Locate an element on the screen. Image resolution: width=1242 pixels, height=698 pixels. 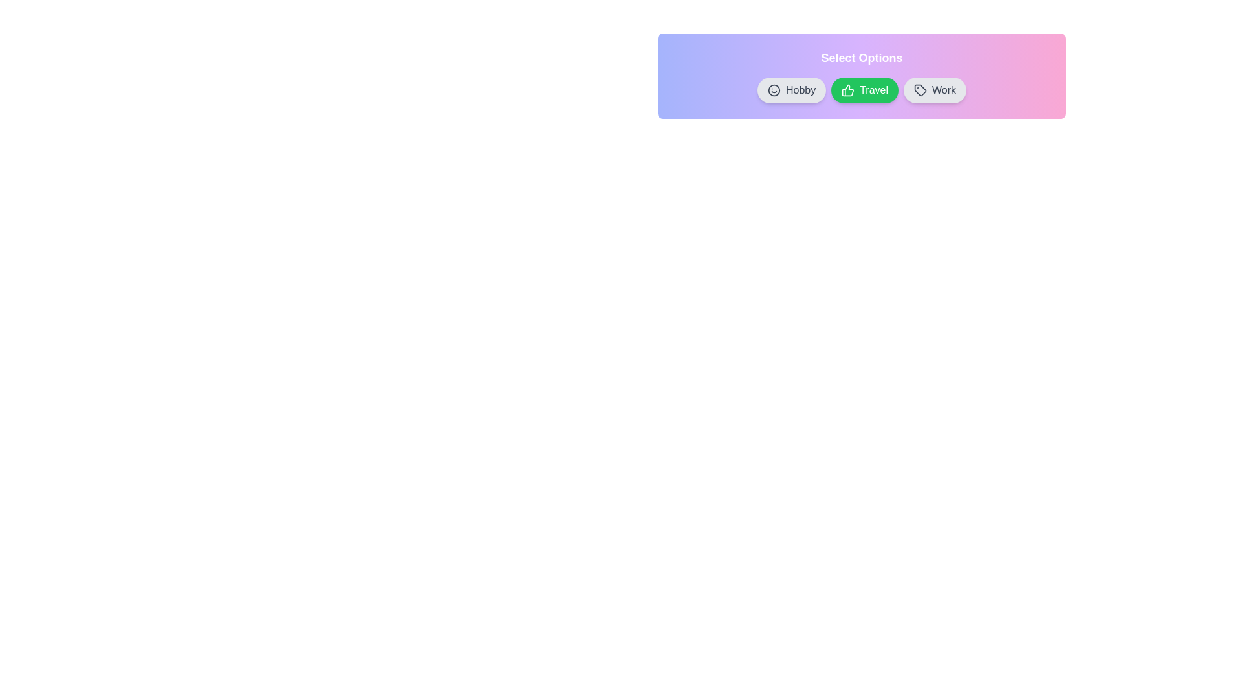
the chip labeled Travel is located at coordinates (865, 89).